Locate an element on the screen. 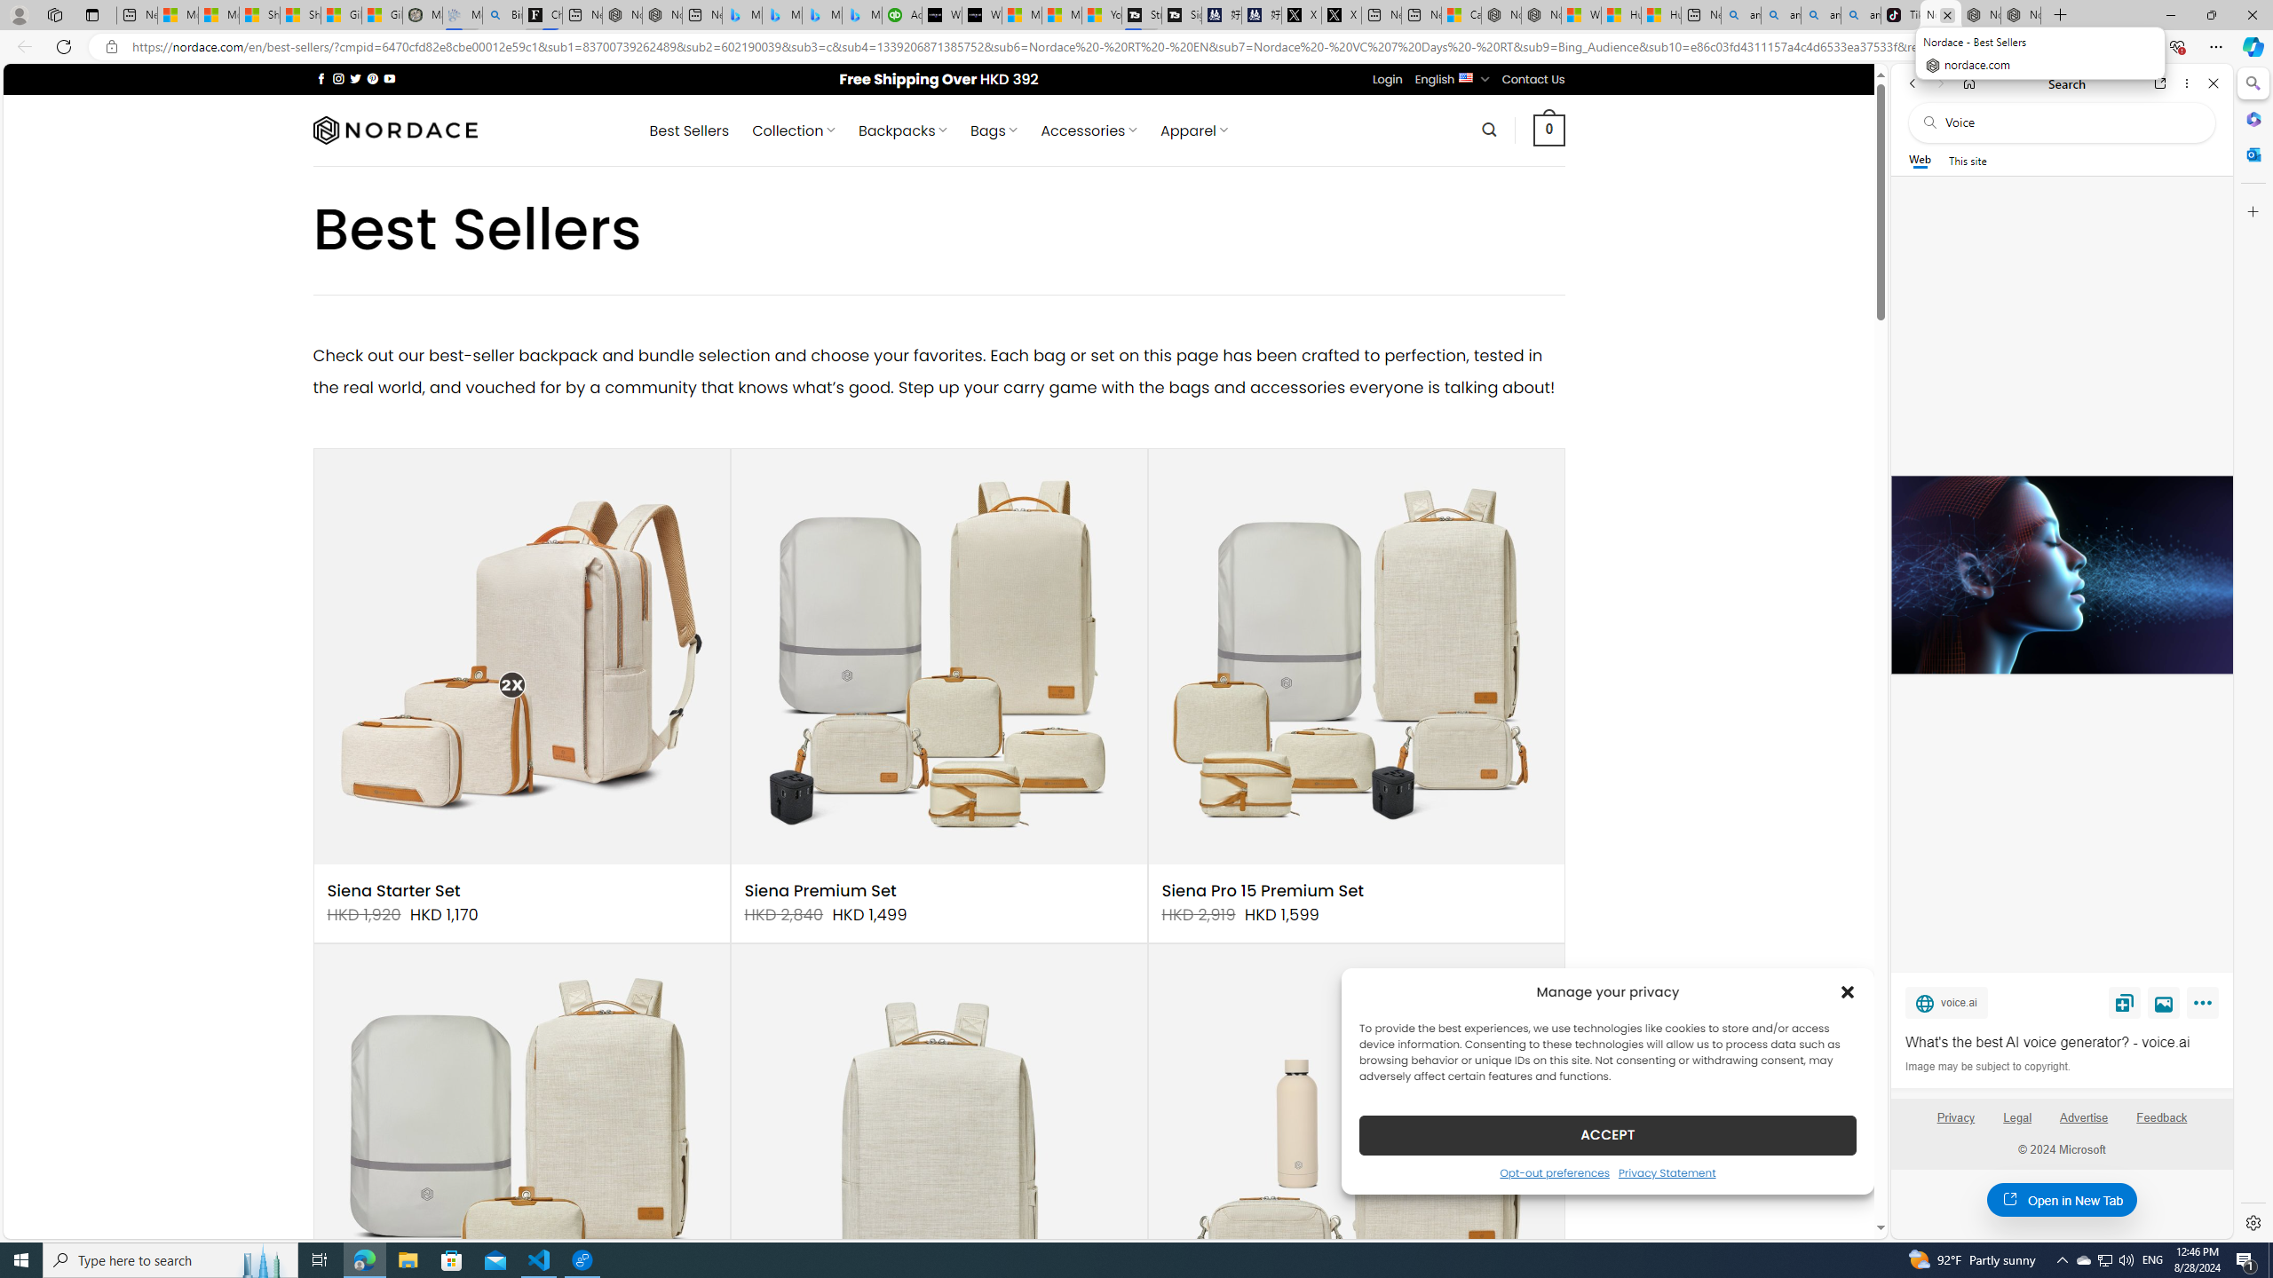  'Chloe Sorvino' is located at coordinates (543, 14).